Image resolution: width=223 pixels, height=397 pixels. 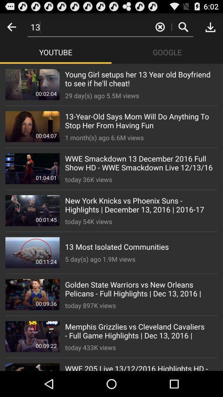 I want to click on search this site, so click(x=183, y=26).